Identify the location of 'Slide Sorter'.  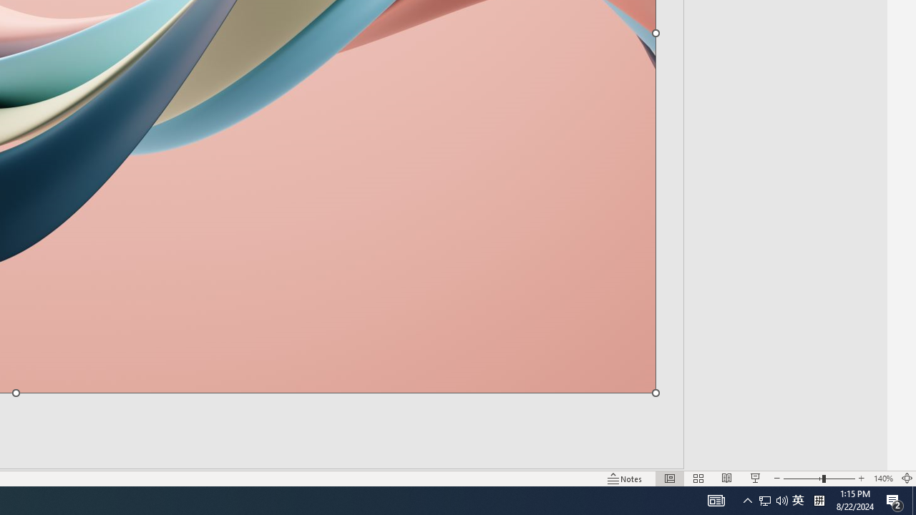
(698, 479).